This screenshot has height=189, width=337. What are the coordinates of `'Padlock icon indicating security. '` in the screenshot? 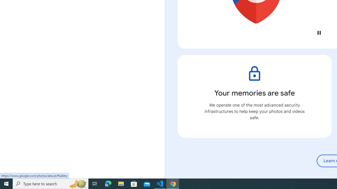 It's located at (254, 73).